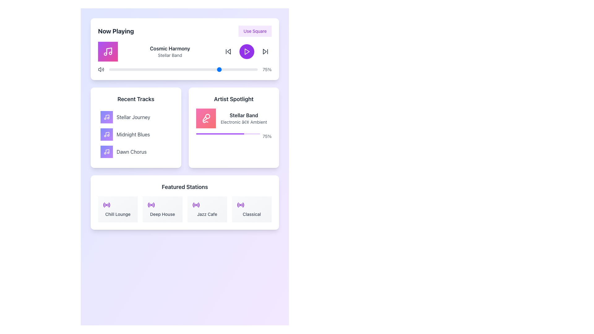 Image resolution: width=594 pixels, height=334 pixels. Describe the element at coordinates (247, 51) in the screenshot. I see `the Play icon within the purple circular button located in the 'Now Playing' area` at that location.